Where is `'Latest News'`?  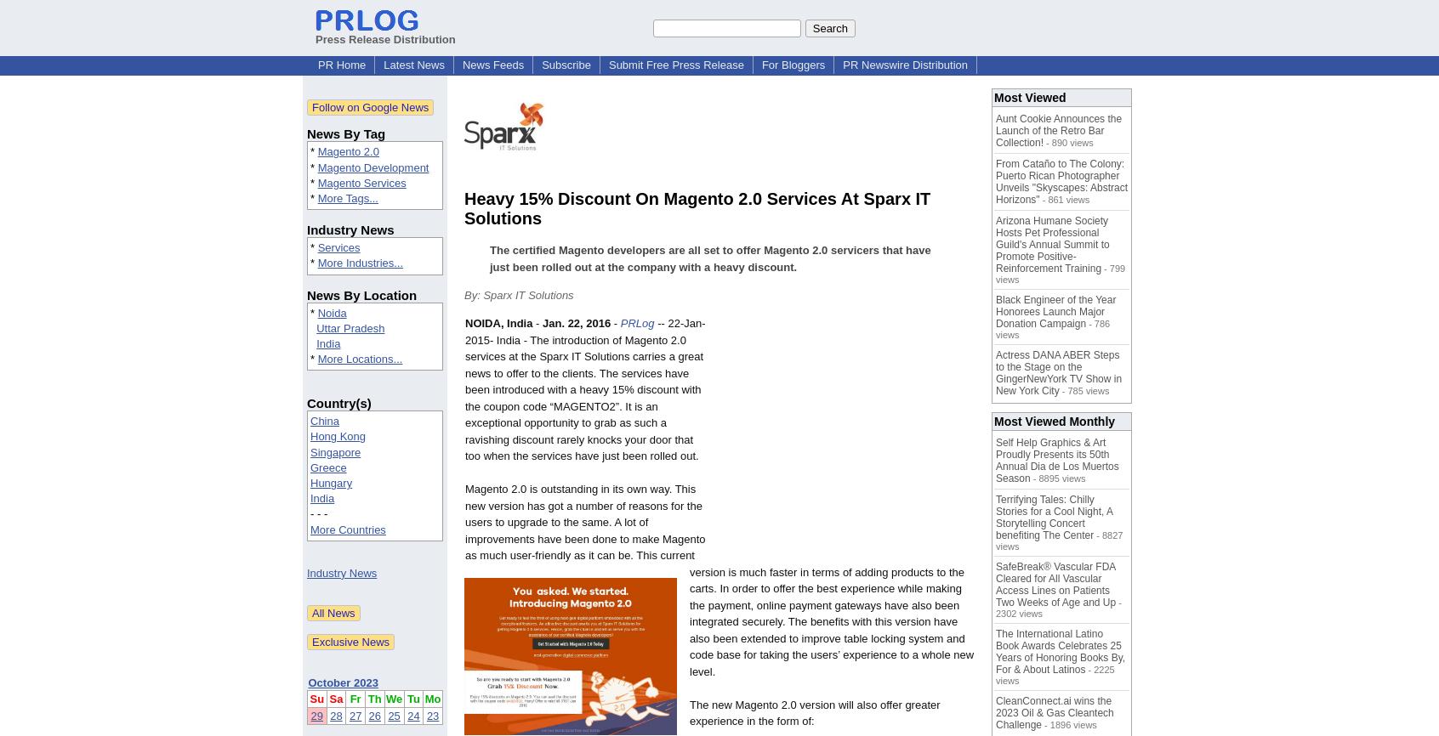
'Latest News' is located at coordinates (412, 65).